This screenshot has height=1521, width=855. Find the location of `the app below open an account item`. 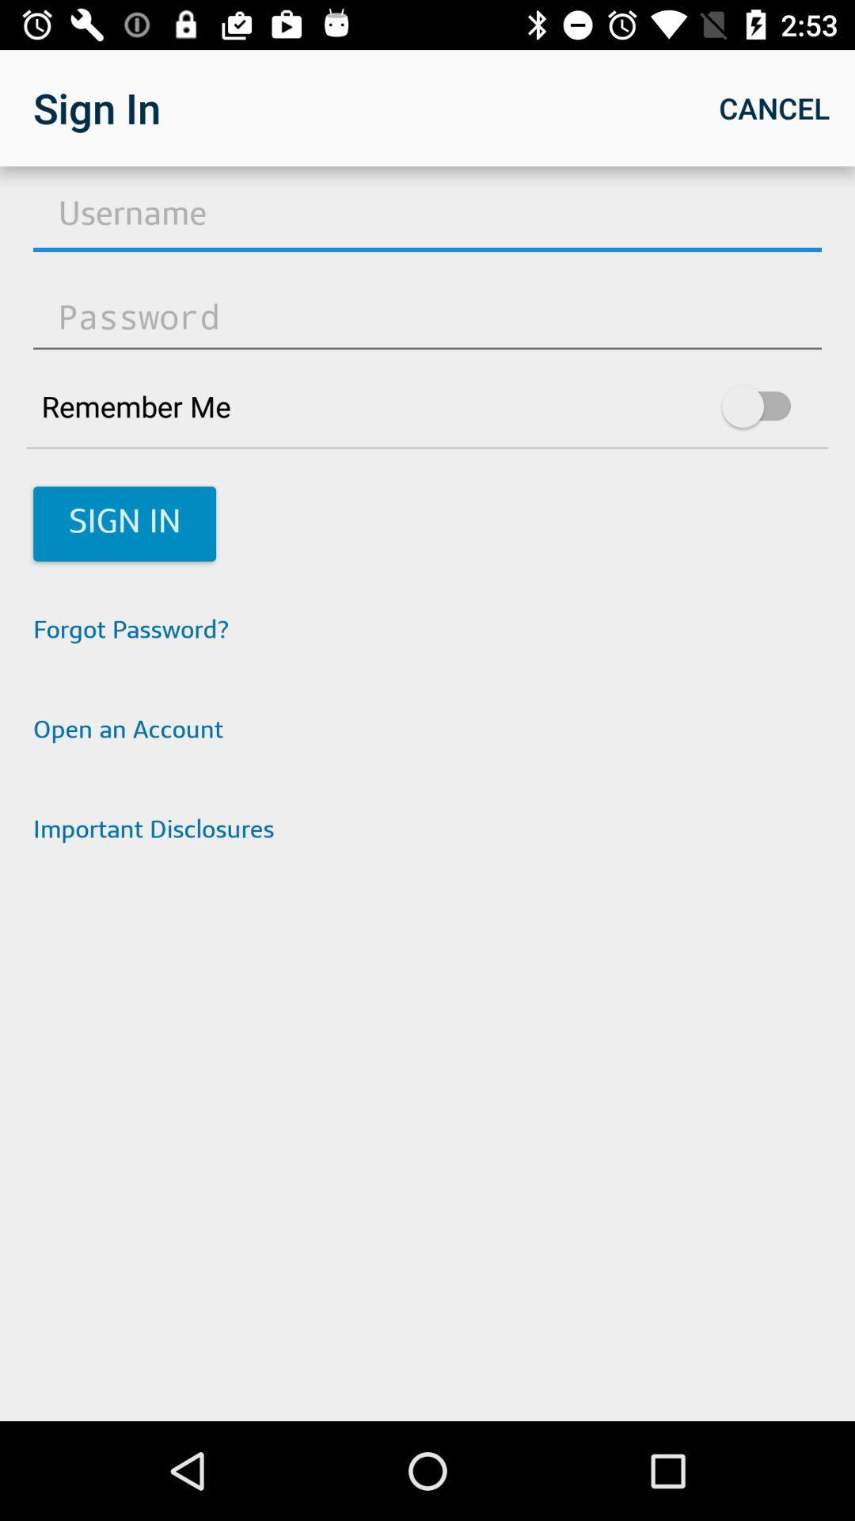

the app below open an account item is located at coordinates (427, 831).